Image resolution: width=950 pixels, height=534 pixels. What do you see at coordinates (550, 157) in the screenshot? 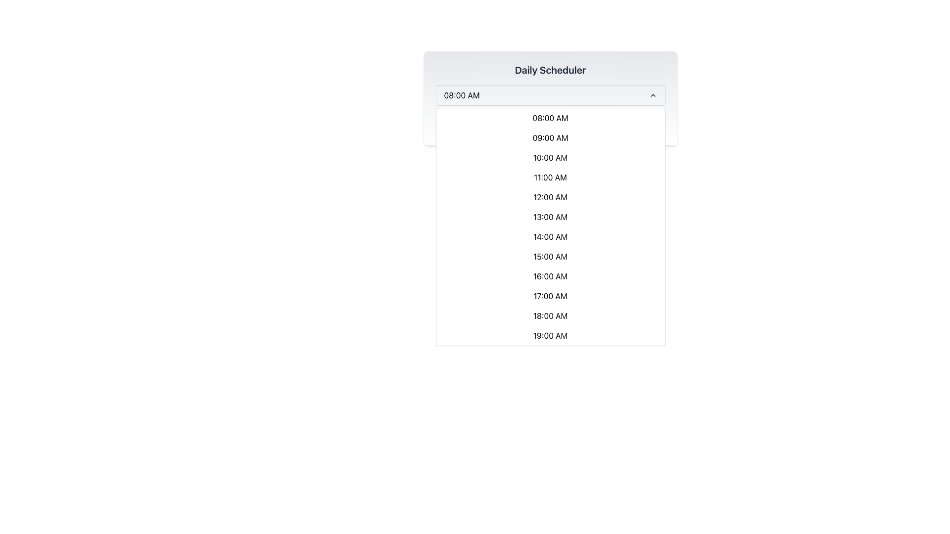
I see `the third timestamp option in the Daily Scheduler time picker` at bounding box center [550, 157].